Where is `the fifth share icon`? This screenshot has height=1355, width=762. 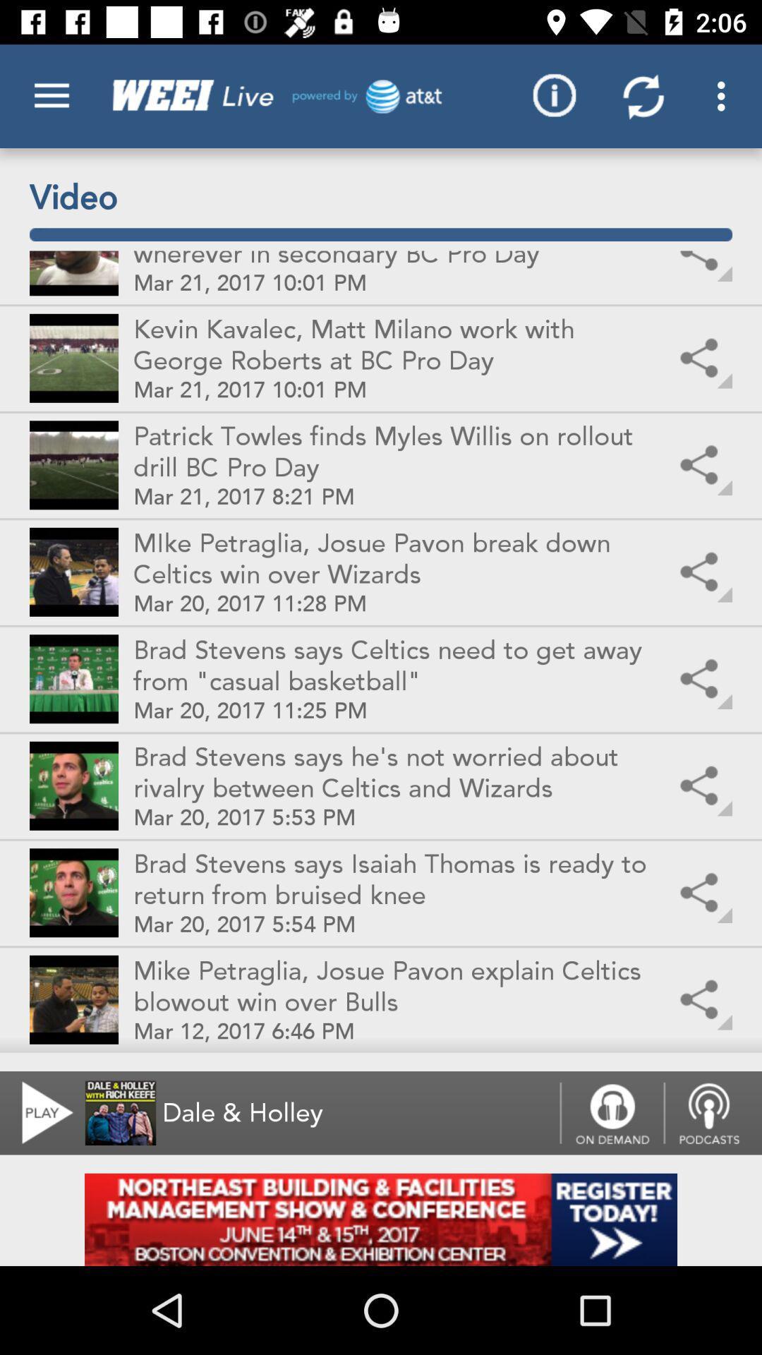 the fifth share icon is located at coordinates (702, 680).